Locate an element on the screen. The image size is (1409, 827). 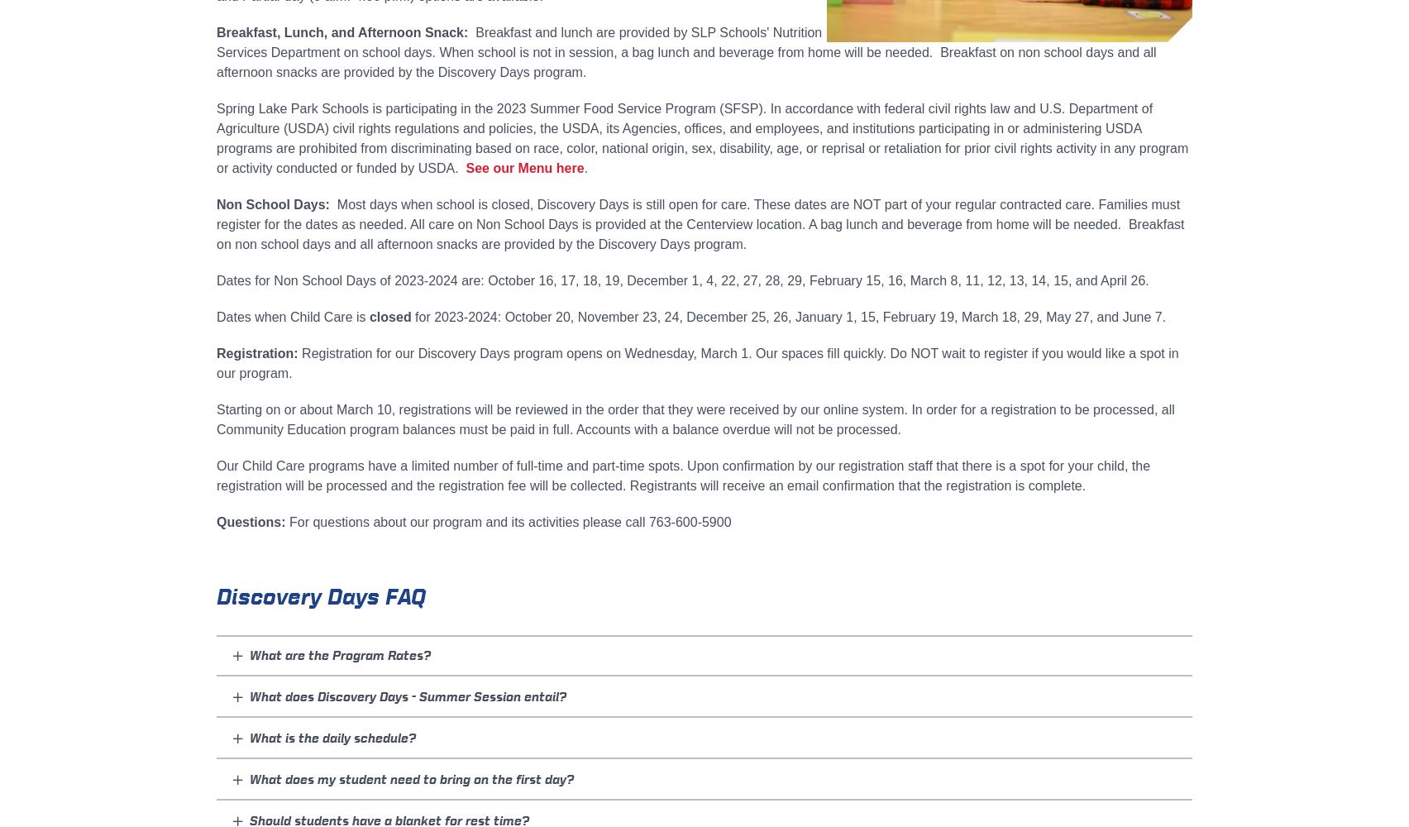
'Starting on or about March 10, registrations will be reviewed in the order that they were received by our online system. In order for a registration to be processed, all Community Education program balances must be paid in full. Accounts with a balance overdue will not be processed.' is located at coordinates (694, 419).